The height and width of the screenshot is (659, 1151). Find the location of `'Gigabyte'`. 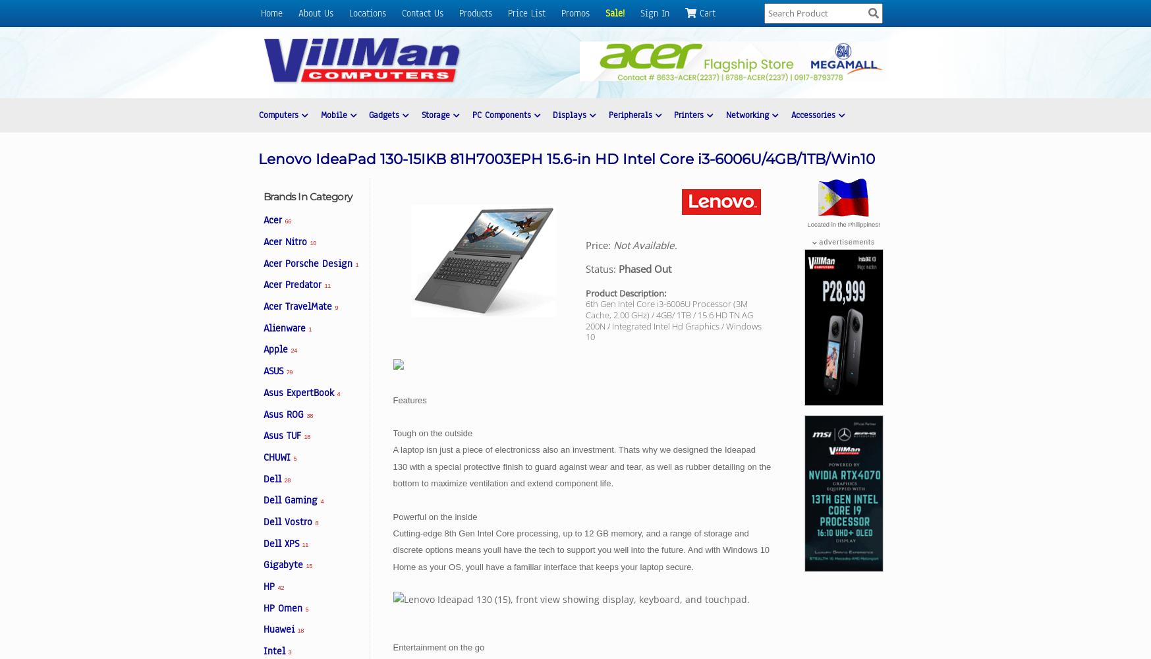

'Gigabyte' is located at coordinates (263, 564).